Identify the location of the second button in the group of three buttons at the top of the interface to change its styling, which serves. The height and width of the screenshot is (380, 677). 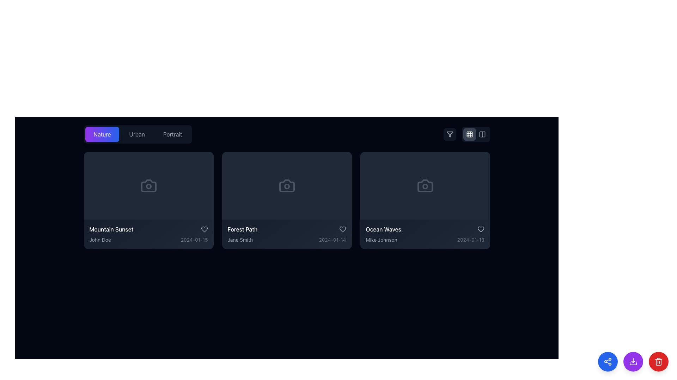
(137, 134).